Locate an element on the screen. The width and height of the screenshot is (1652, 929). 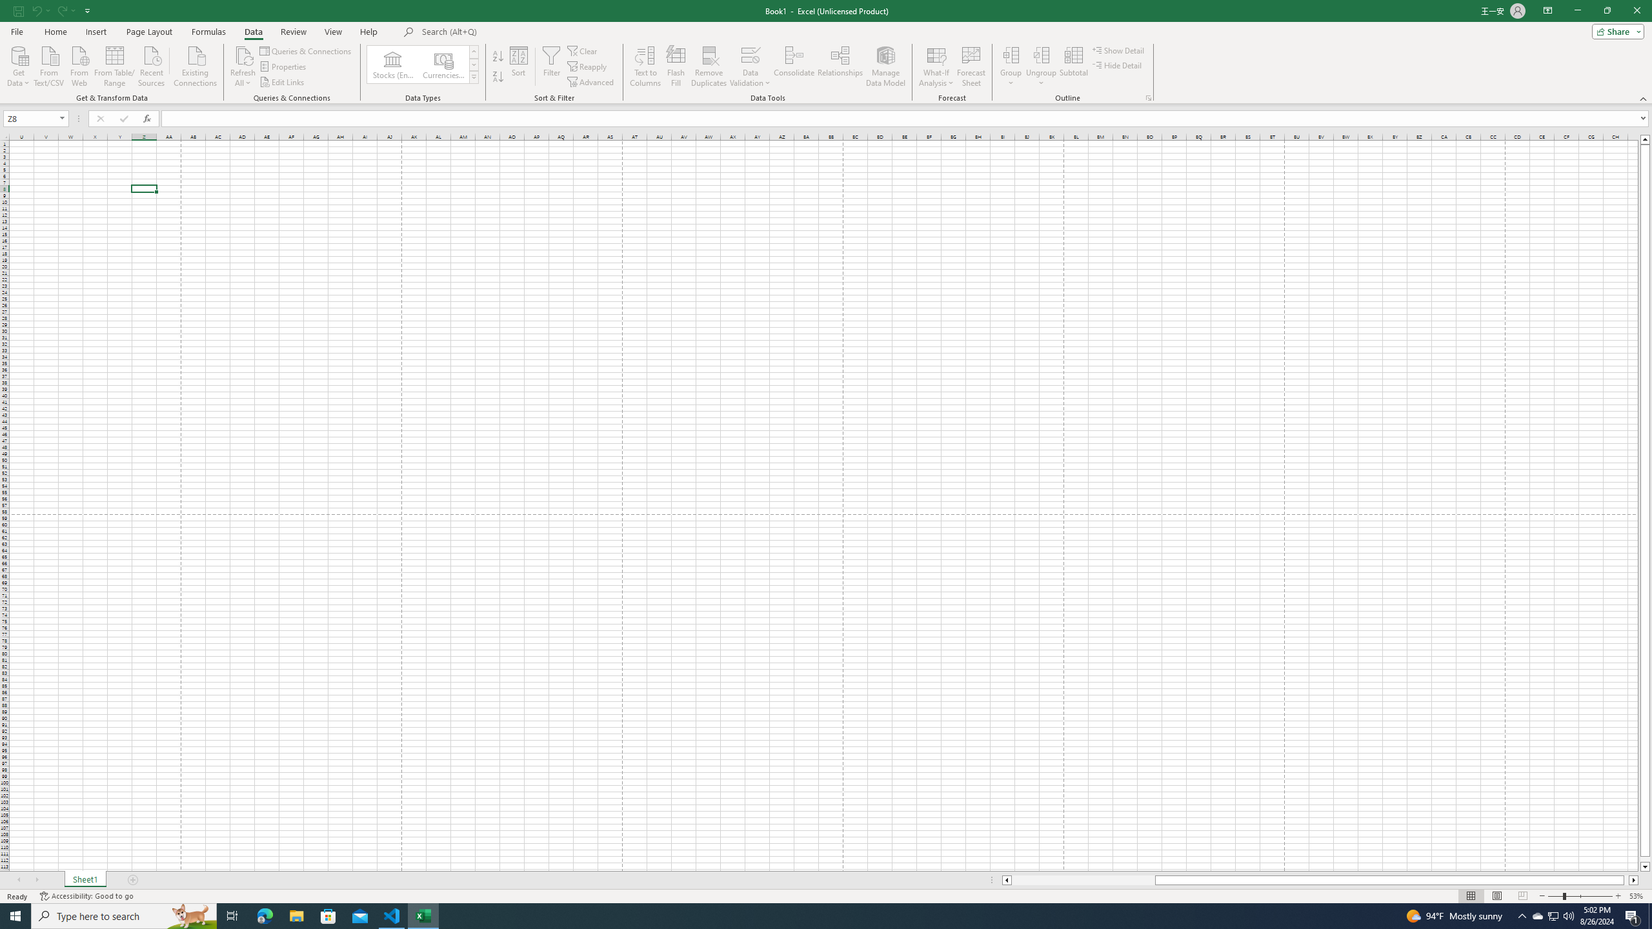
'Subtotal' is located at coordinates (1074, 66).